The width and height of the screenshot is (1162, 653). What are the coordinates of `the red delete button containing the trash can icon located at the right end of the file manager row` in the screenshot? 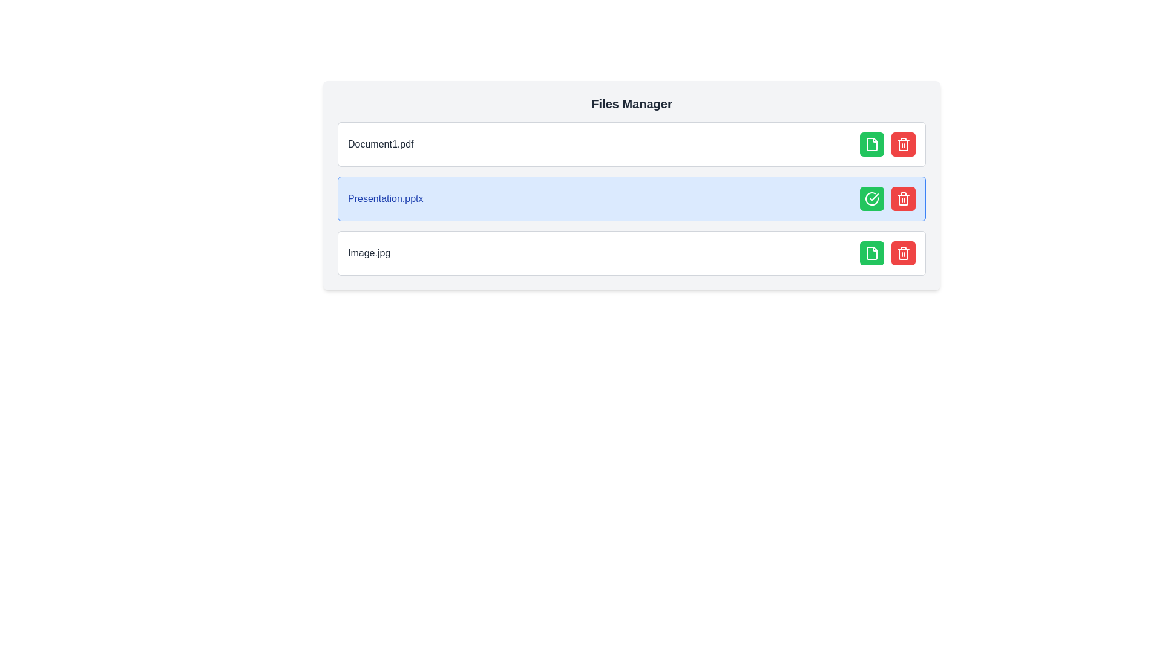 It's located at (903, 253).